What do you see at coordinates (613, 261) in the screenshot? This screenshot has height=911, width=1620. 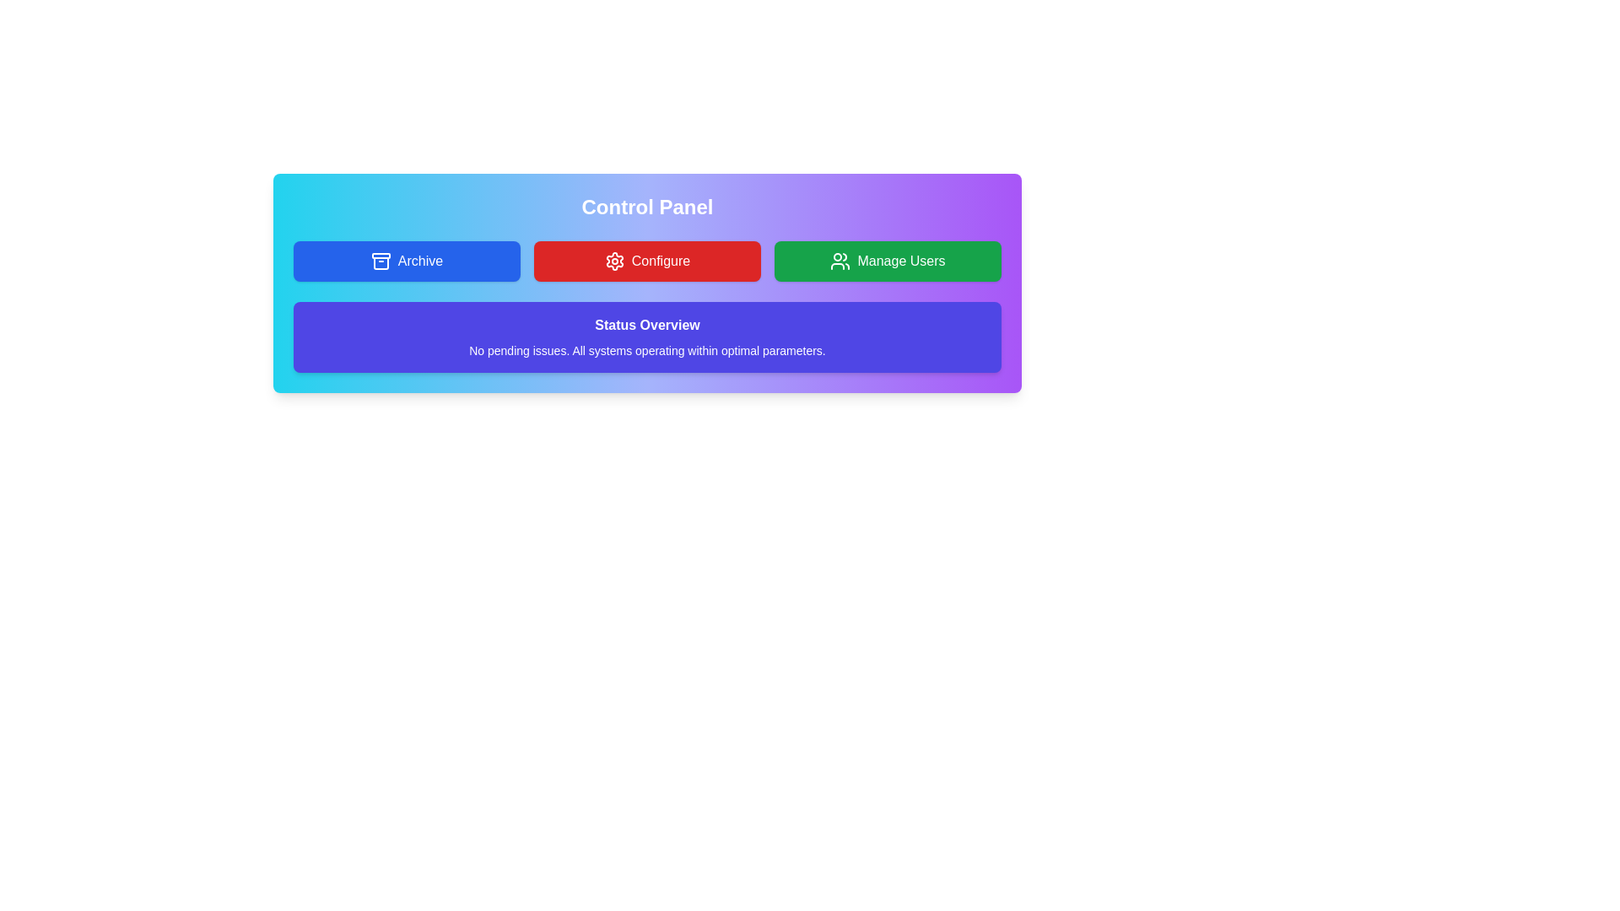 I see `the red gear-like icon within the 'Configure' button` at bounding box center [613, 261].